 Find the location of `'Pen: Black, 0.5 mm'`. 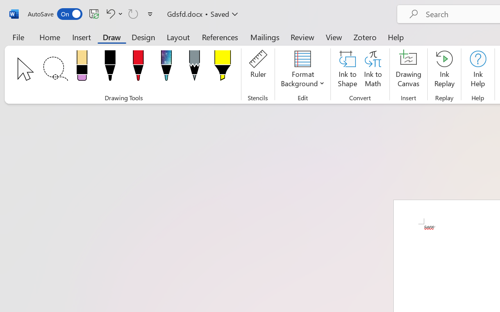

'Pen: Black, 0.5 mm' is located at coordinates (109, 67).